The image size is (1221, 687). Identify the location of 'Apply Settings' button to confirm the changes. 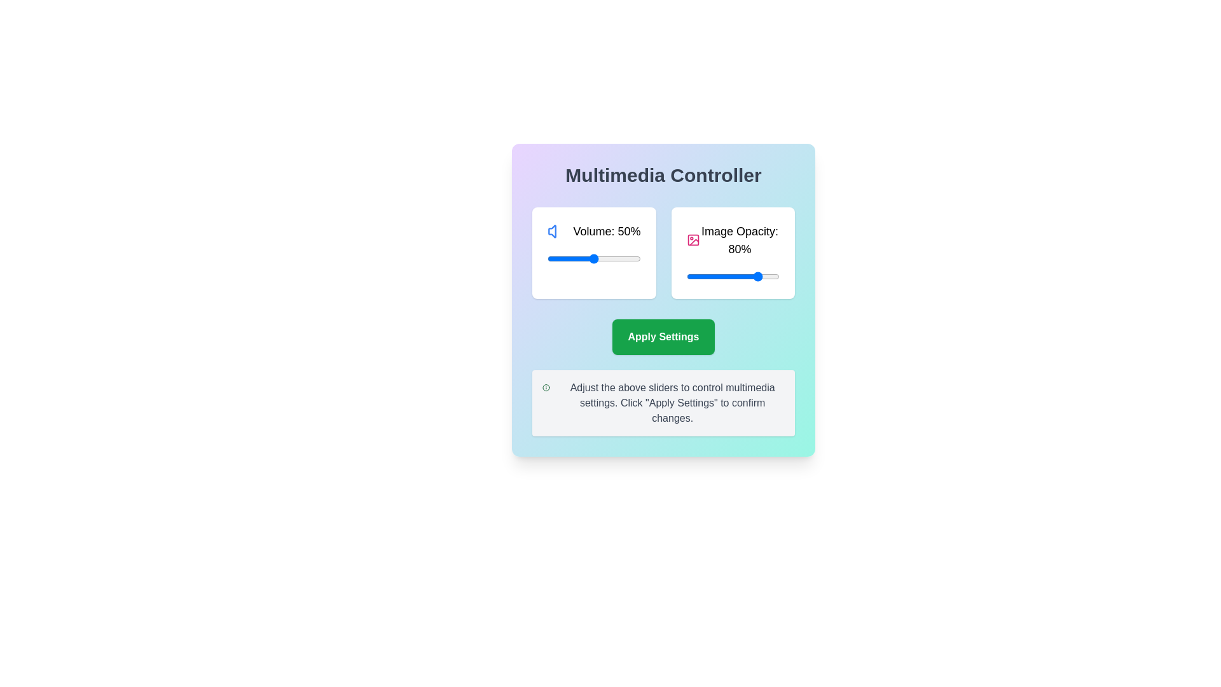
(663, 336).